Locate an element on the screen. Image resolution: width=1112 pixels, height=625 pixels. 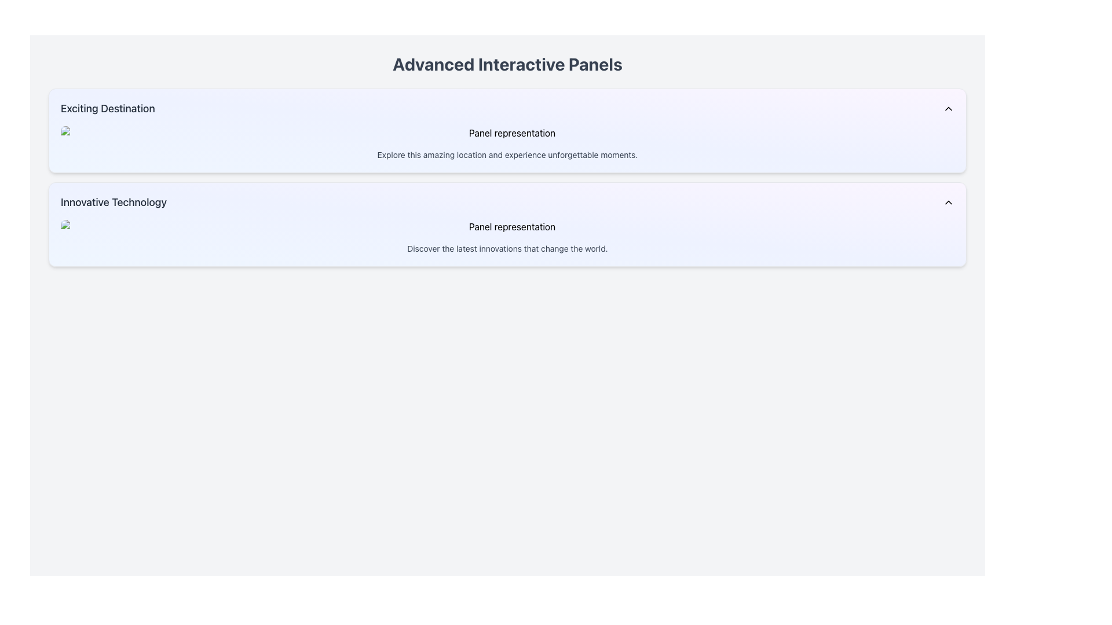
the primary heading text element that serves as the thematic introduction for the content below is located at coordinates (507, 64).